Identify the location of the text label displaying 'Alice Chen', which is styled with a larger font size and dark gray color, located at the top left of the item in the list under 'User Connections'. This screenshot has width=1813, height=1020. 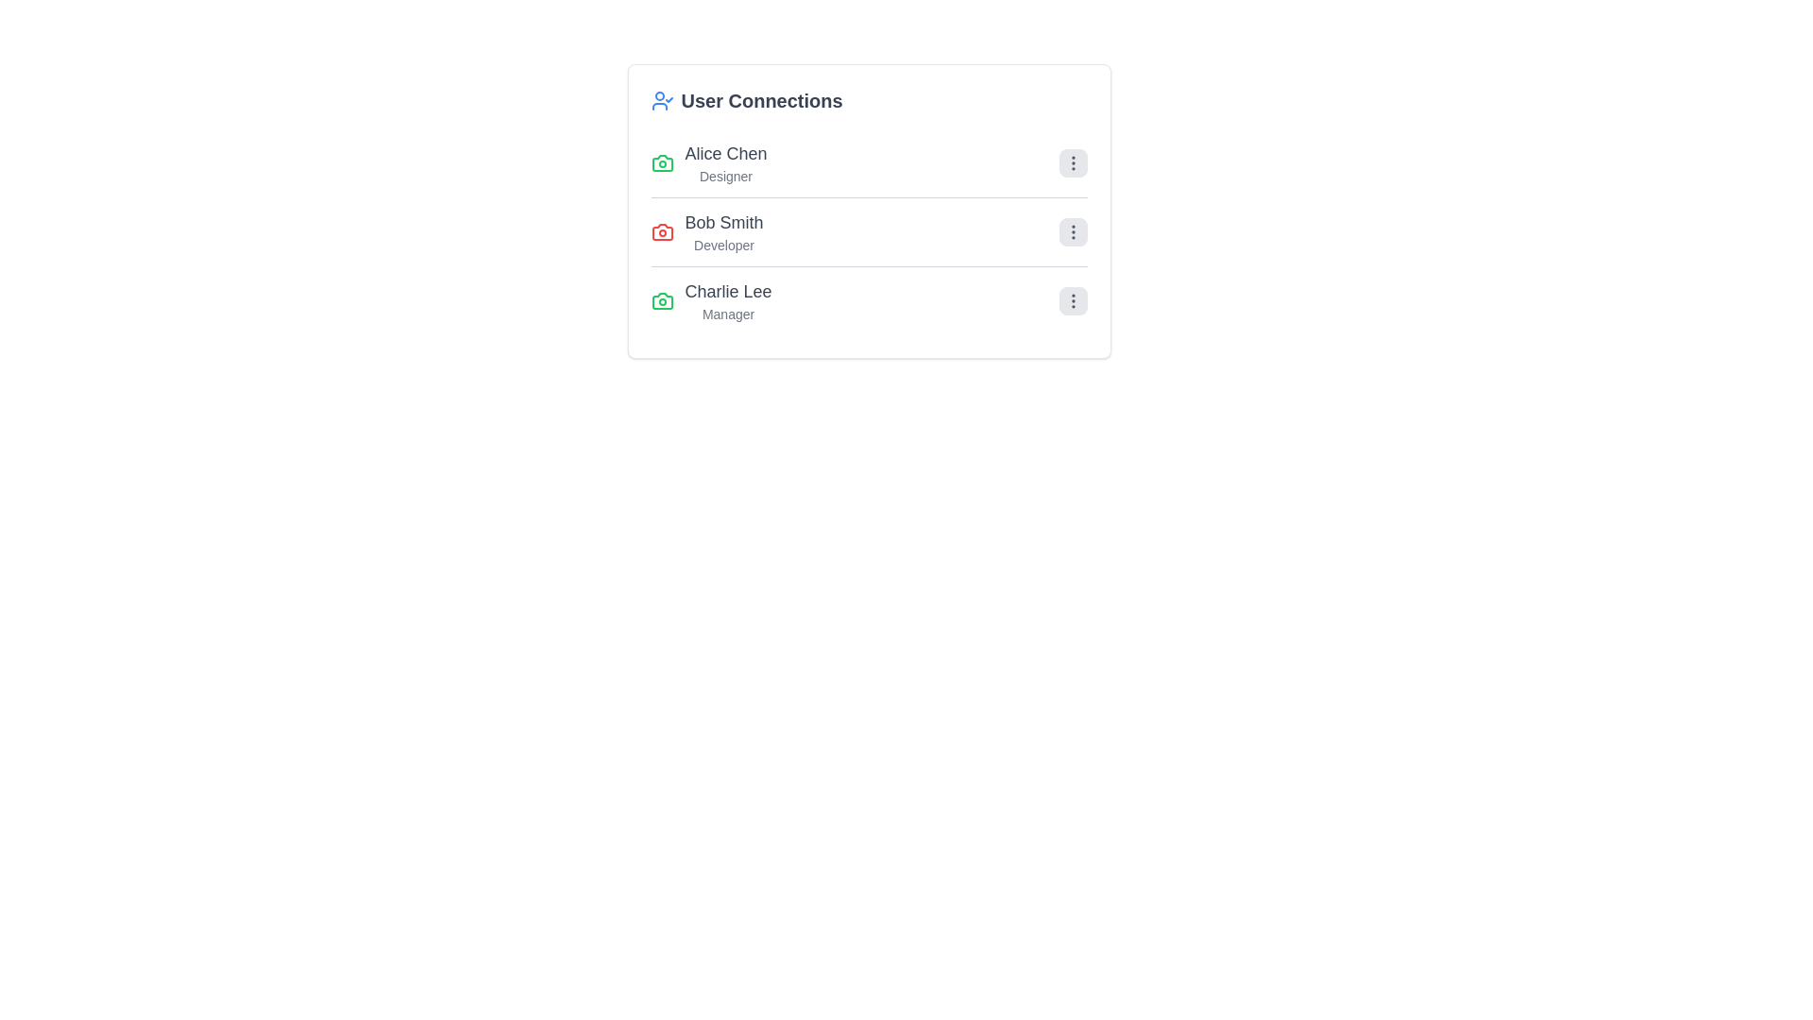
(724, 152).